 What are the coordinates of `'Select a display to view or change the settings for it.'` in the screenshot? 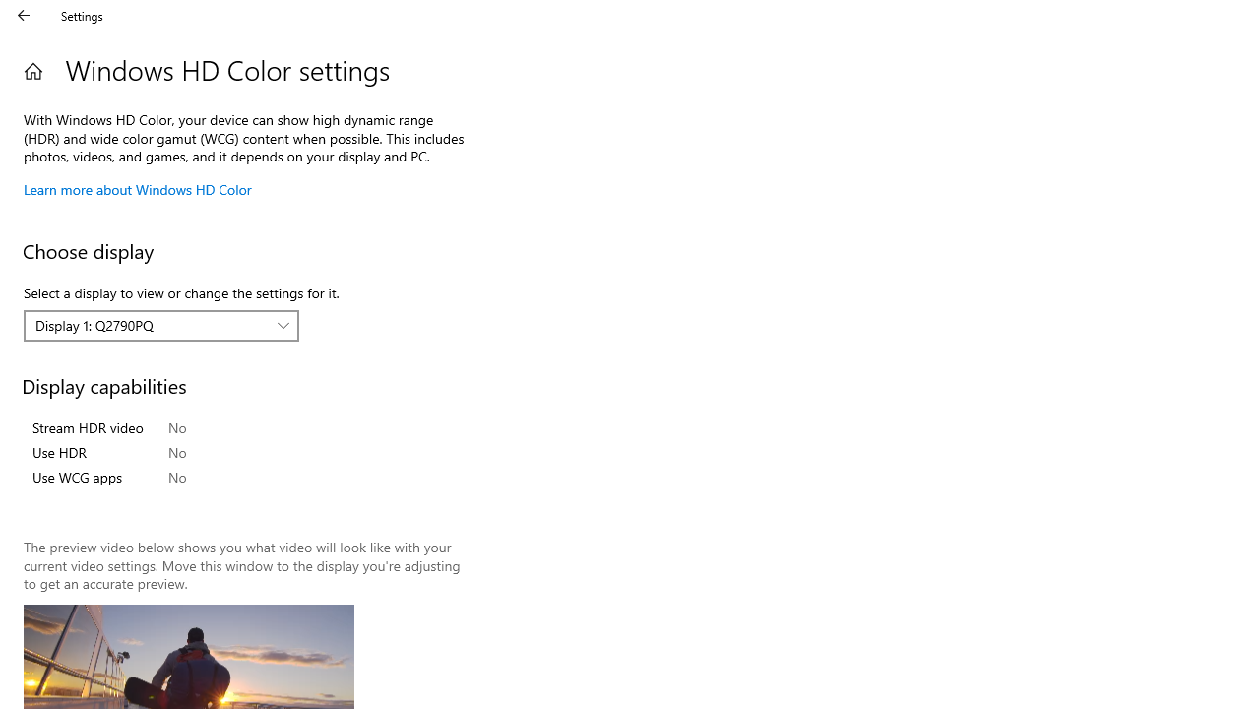 It's located at (161, 325).